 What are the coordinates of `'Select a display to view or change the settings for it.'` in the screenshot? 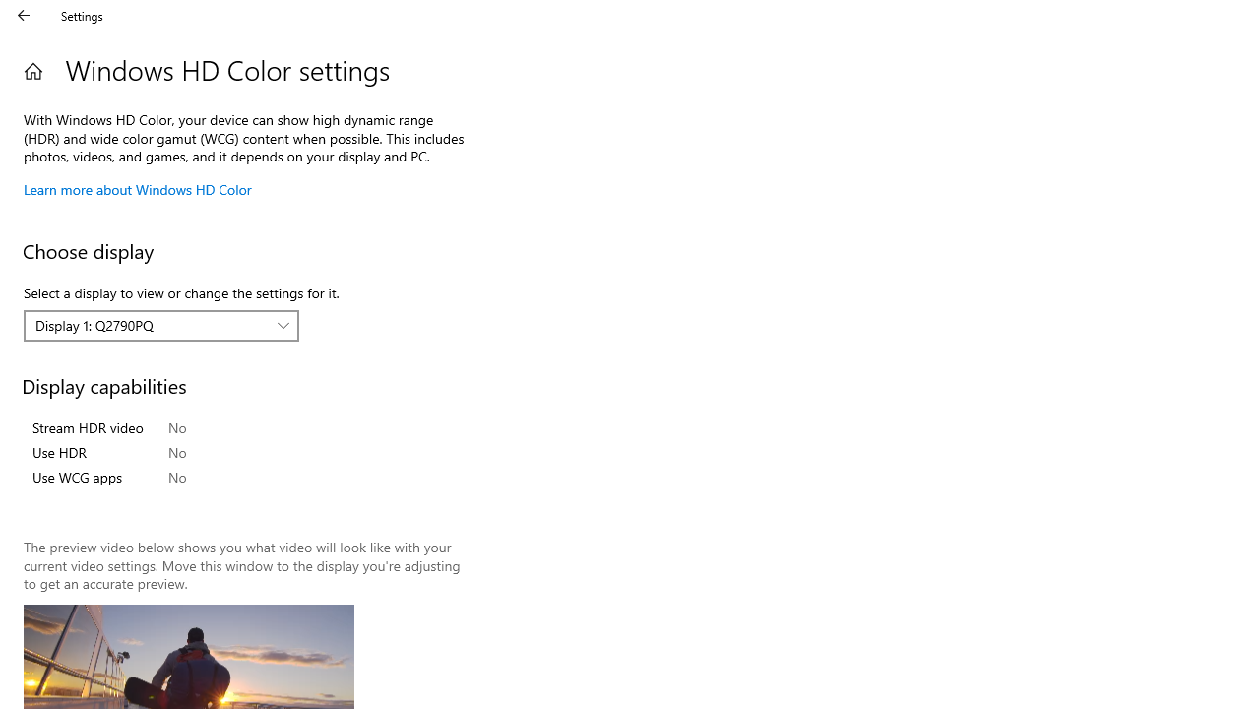 It's located at (161, 325).